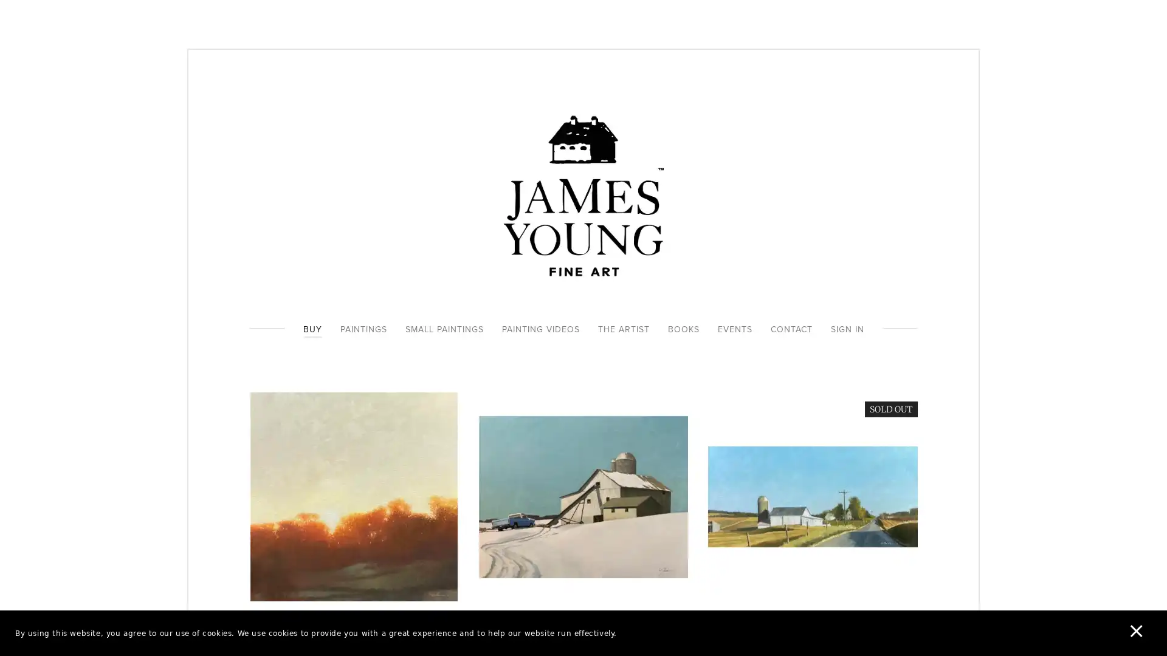 The width and height of the screenshot is (1167, 656). What do you see at coordinates (760, 214) in the screenshot?
I see `Close` at bounding box center [760, 214].